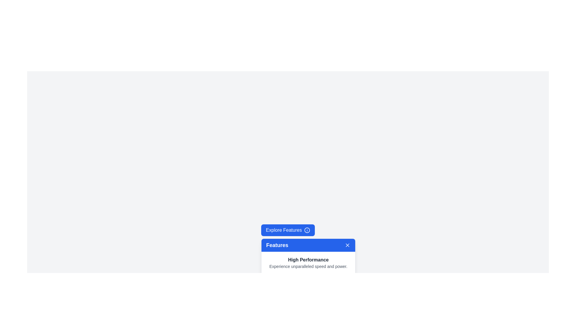 The height and width of the screenshot is (318, 566). I want to click on text from the 'Features' label, which is styled in bold and larger font, colored white on a blue background, located at the top of the modal-like structure, so click(277, 245).